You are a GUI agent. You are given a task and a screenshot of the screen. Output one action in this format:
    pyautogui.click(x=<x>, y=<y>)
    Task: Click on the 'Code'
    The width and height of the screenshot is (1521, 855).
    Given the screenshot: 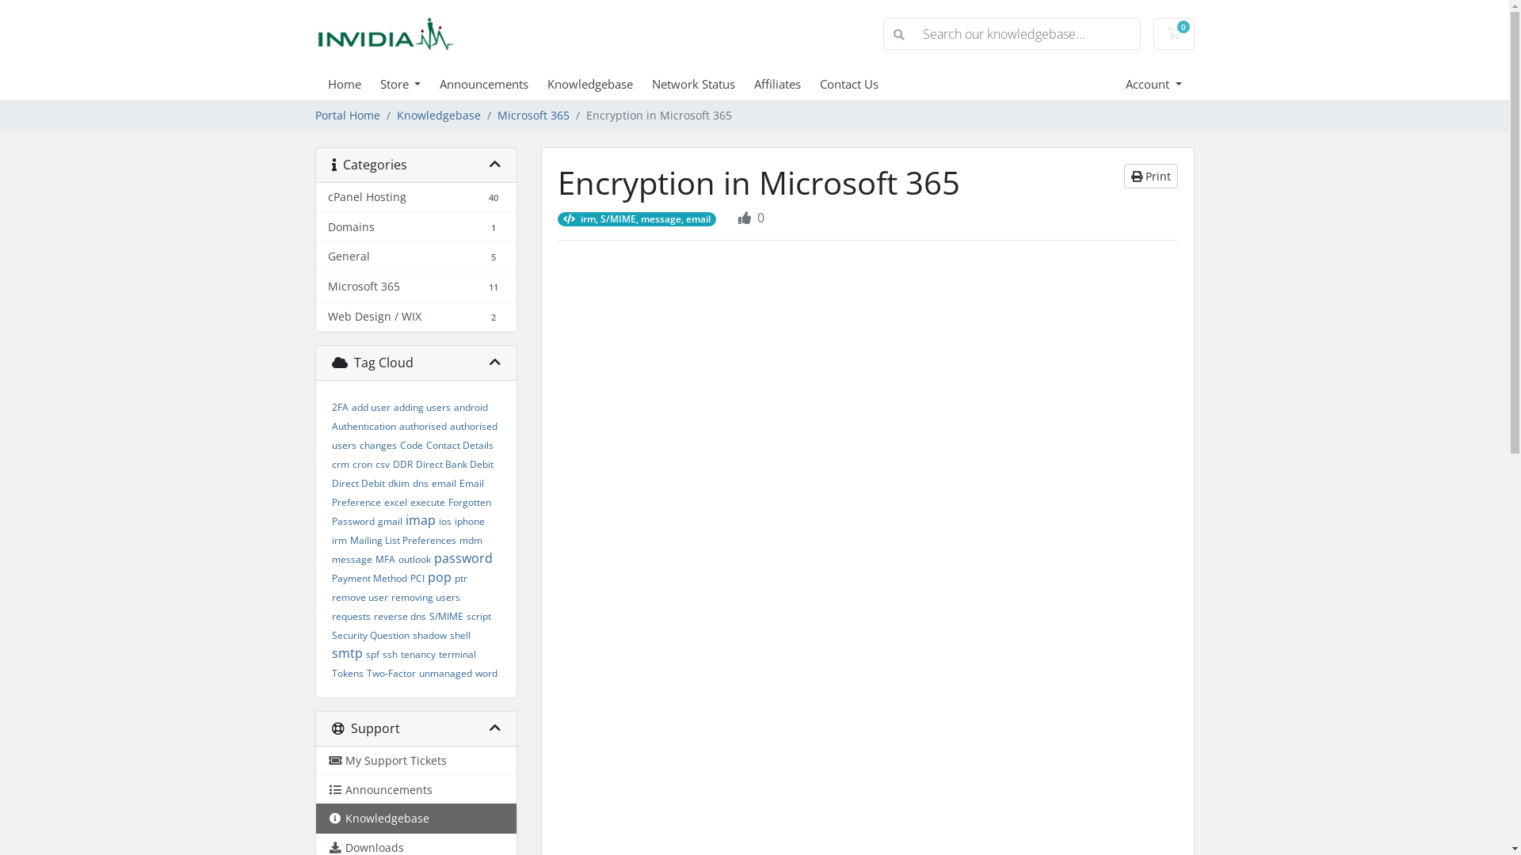 What is the action you would take?
    pyautogui.click(x=410, y=445)
    